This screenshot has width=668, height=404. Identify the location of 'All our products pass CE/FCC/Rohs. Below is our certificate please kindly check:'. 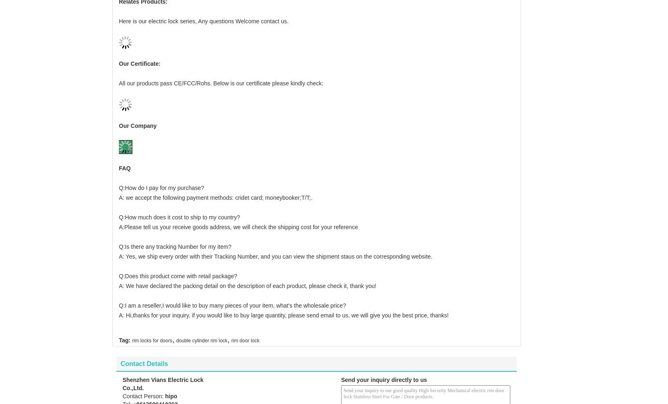
(221, 70).